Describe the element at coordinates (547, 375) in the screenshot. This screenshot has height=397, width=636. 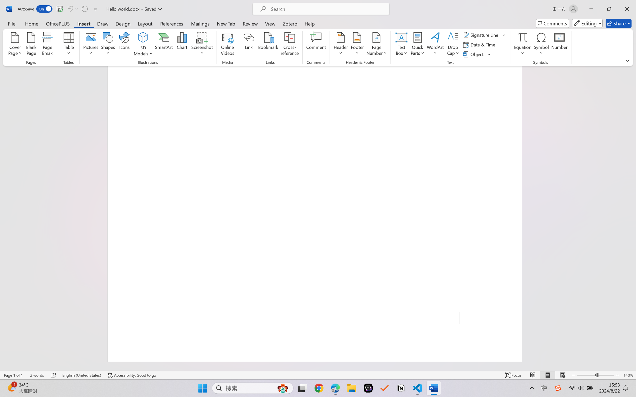
I see `'Print Layout'` at that location.